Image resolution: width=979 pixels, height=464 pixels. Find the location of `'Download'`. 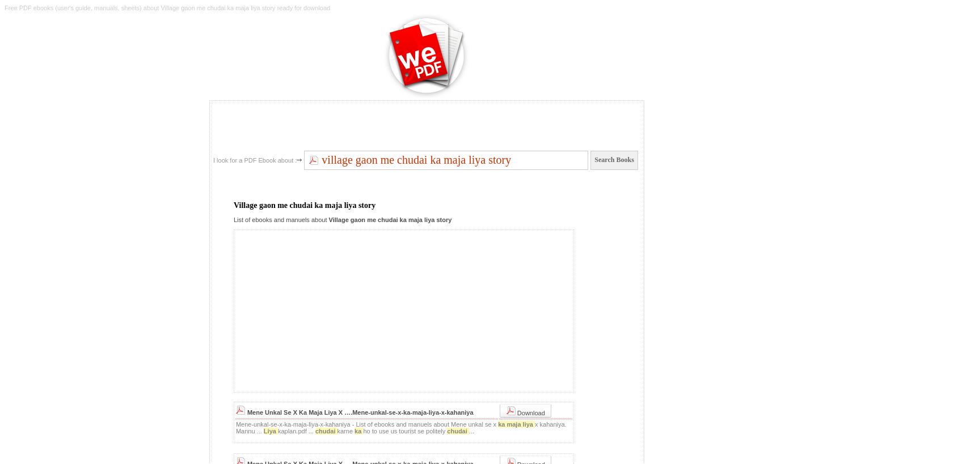

'Download' is located at coordinates (529, 412).